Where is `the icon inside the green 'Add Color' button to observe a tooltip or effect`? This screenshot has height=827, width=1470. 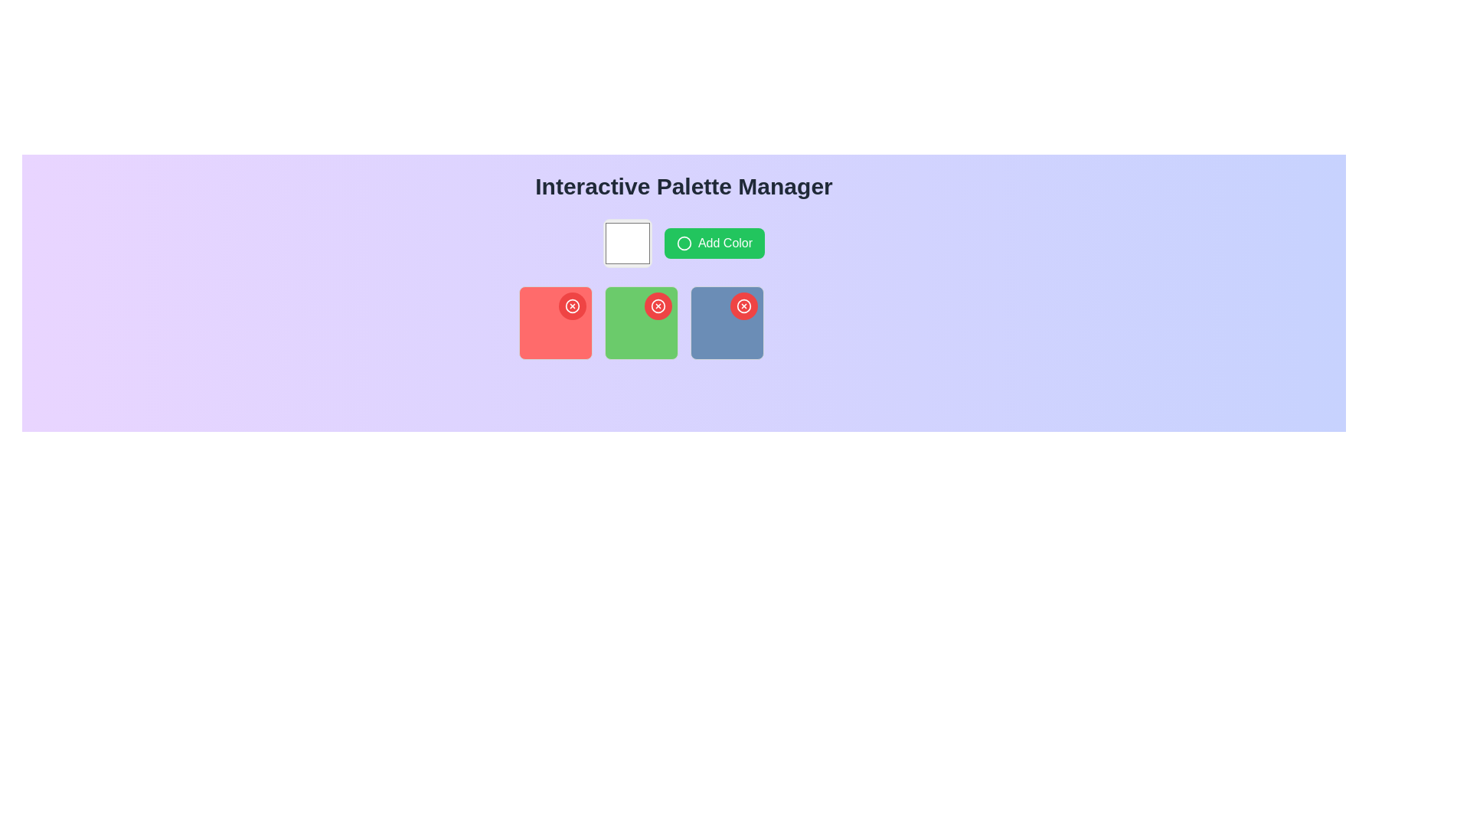
the icon inside the green 'Add Color' button to observe a tooltip or effect is located at coordinates (683, 242).